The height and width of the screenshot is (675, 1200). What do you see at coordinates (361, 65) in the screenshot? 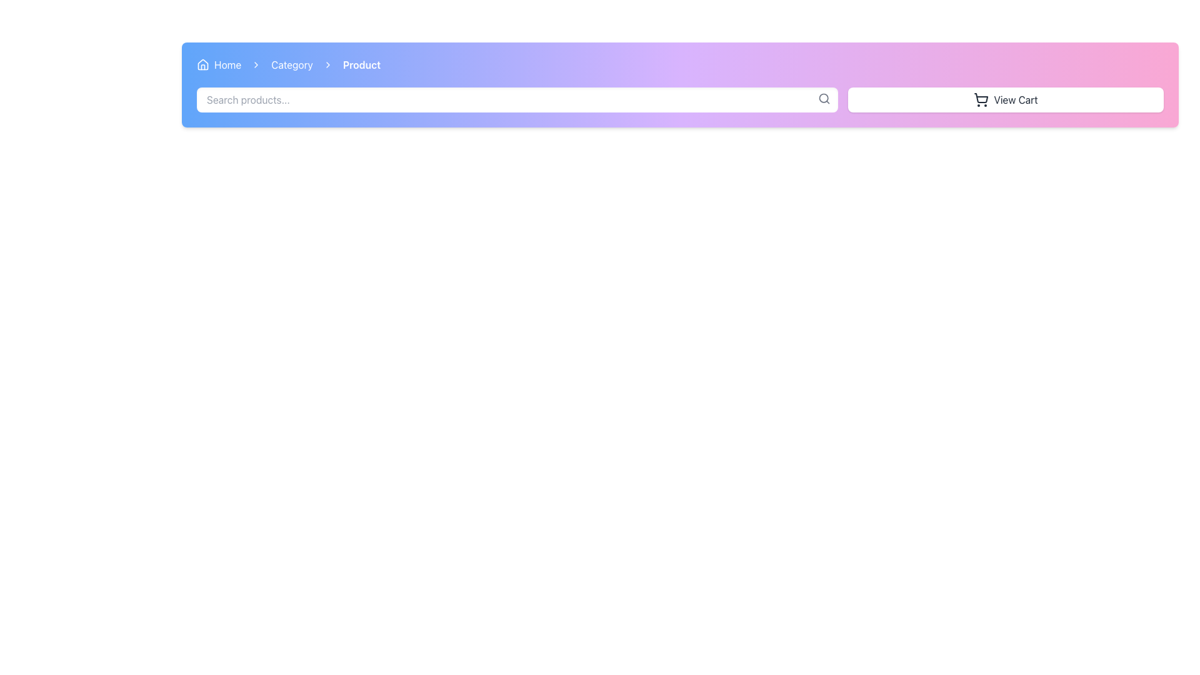
I see `the breadcrumb navigation label located to the right of the 'Category' element and the chevron icon, indicating the current section of the navigation hierarchy` at bounding box center [361, 65].